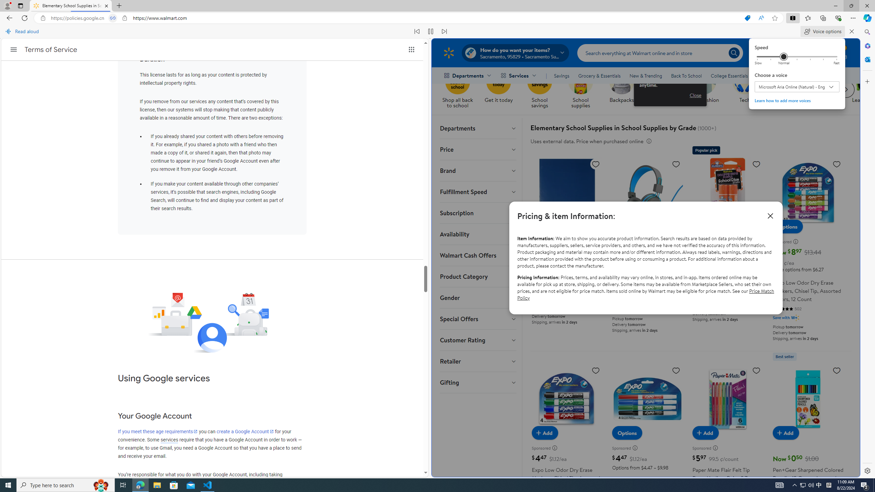 The width and height of the screenshot is (875, 492). What do you see at coordinates (865, 484) in the screenshot?
I see `'Action Center, 2 new notifications'` at bounding box center [865, 484].